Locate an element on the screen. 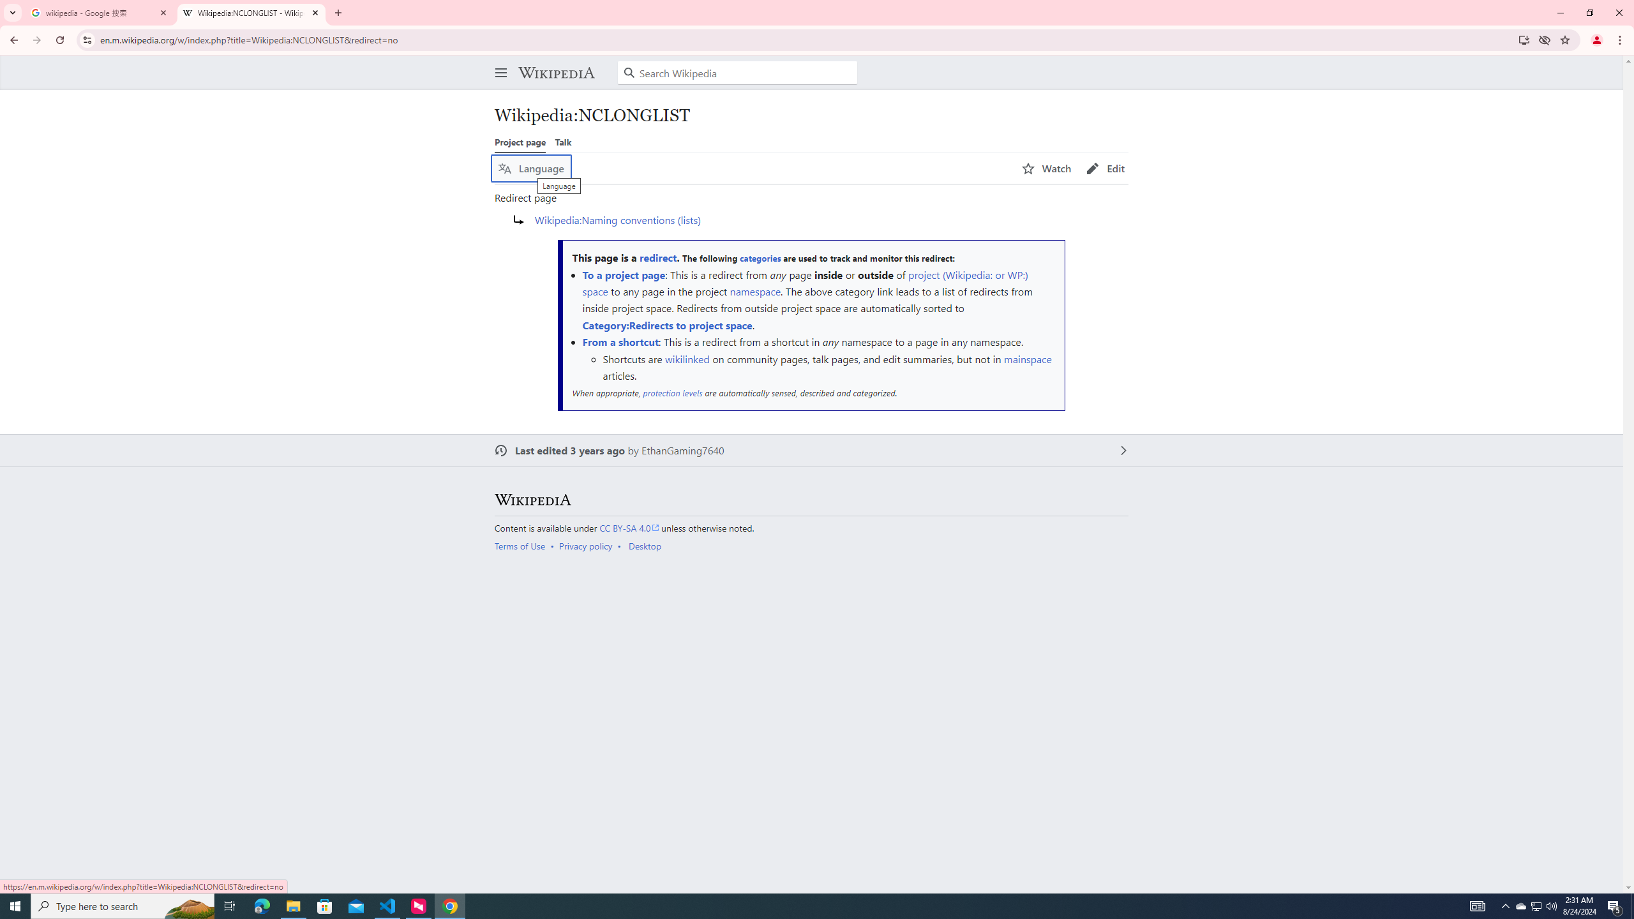 The height and width of the screenshot is (919, 1634). 'categories' is located at coordinates (760, 258).